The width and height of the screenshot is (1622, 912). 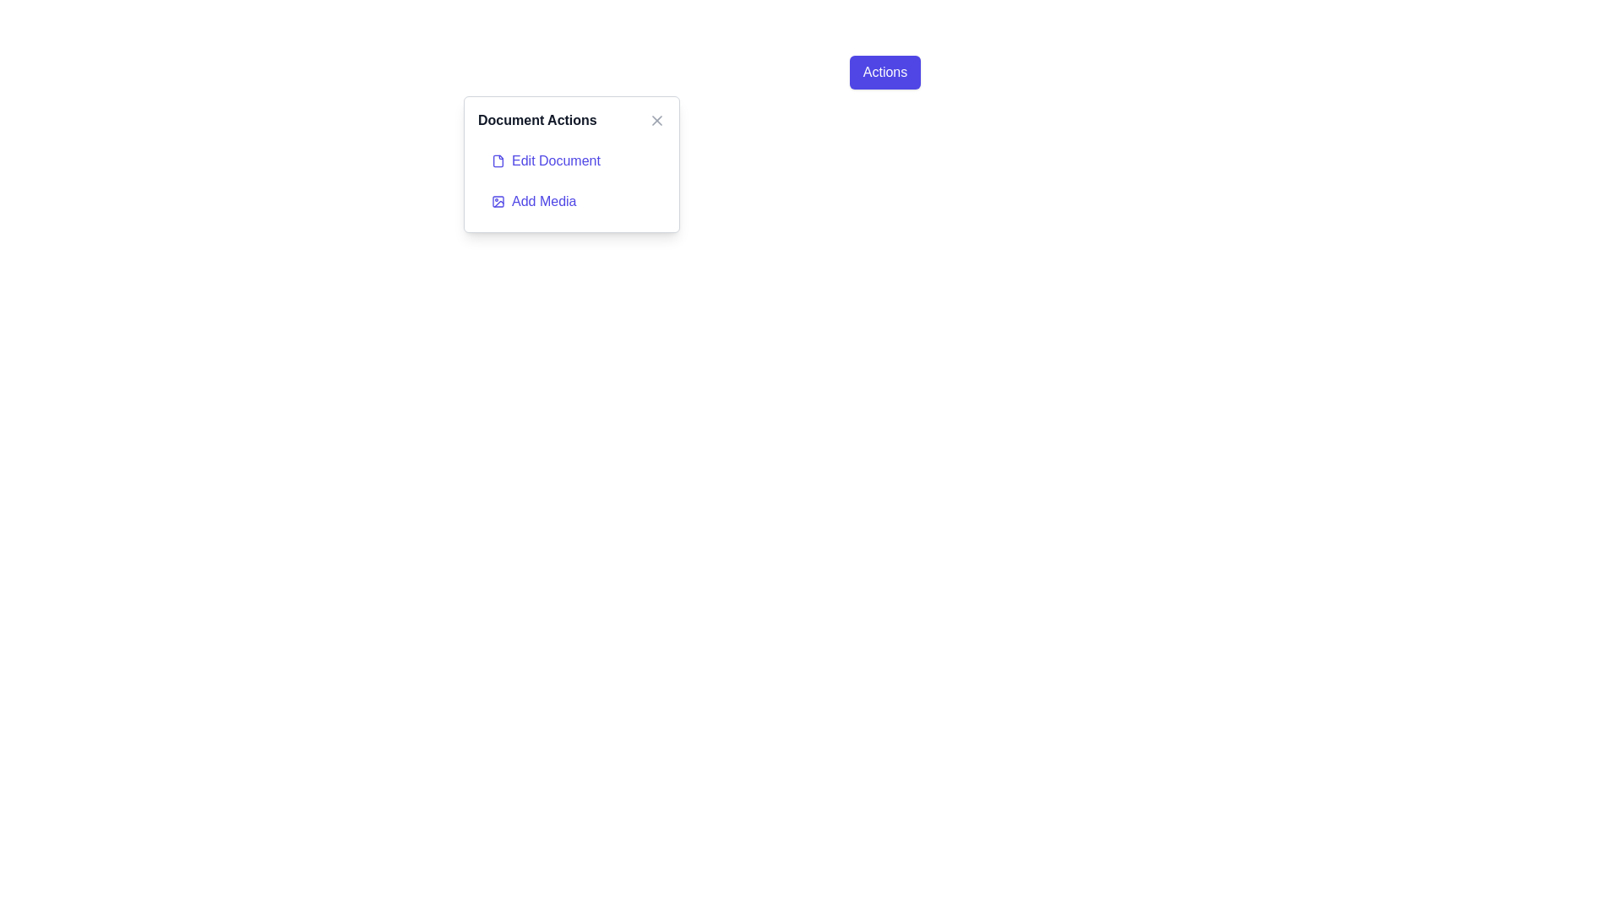 I want to click on the 'Document Actions' dropdown menu option, so click(x=498, y=161).